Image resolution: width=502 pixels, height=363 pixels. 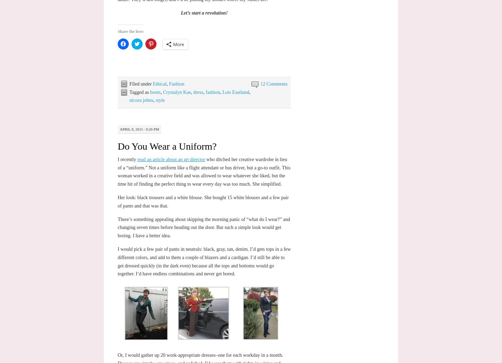 What do you see at coordinates (138, 129) in the screenshot?
I see `'April 8, 2015 · 9:26 pm'` at bounding box center [138, 129].